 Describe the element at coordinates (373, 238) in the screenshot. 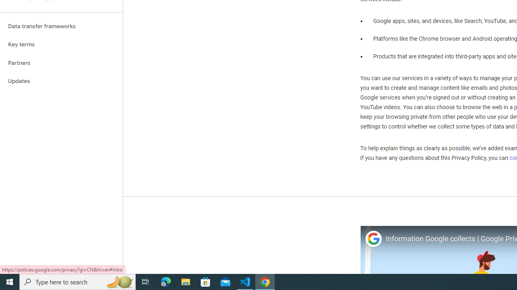

I see `'Photo image of Google'` at that location.